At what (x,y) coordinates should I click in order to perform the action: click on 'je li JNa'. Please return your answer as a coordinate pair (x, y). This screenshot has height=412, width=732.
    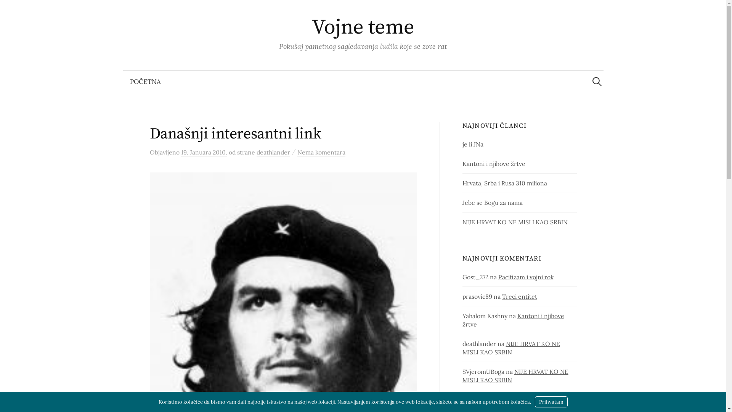
    Looking at the image, I should click on (472, 144).